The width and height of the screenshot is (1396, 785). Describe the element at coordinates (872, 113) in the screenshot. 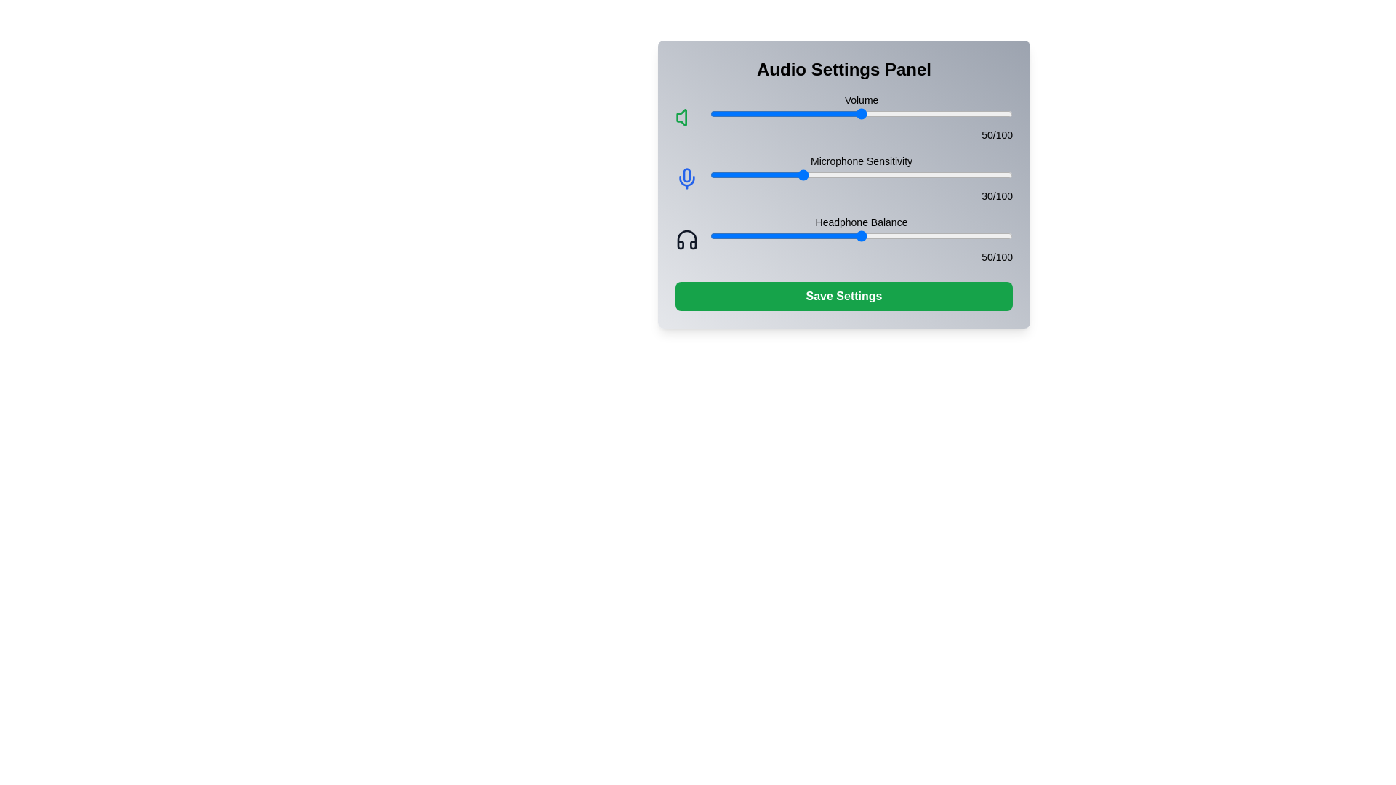

I see `volume` at that location.